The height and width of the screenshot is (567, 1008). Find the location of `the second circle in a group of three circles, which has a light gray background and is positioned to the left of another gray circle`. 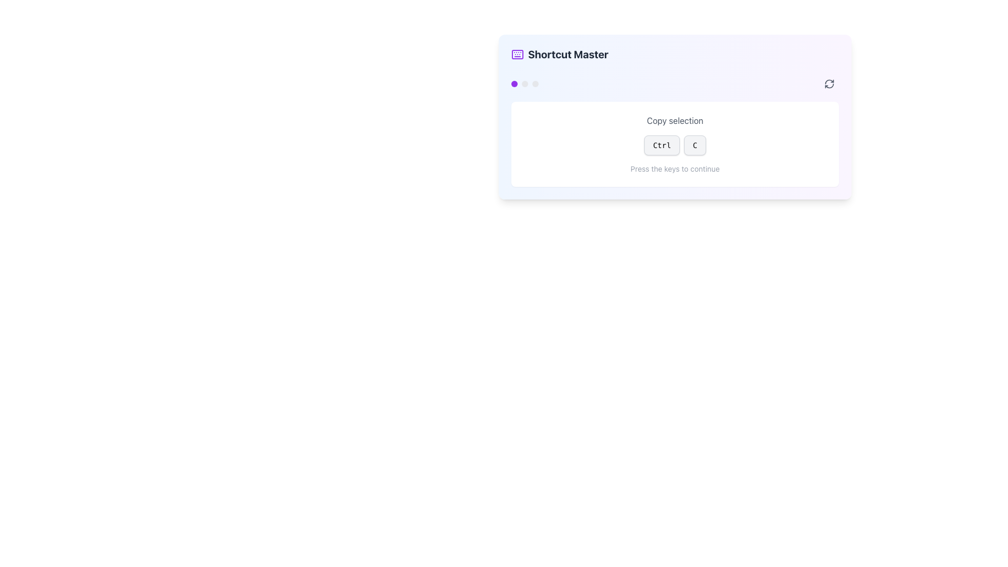

the second circle in a group of three circles, which has a light gray background and is positioned to the left of another gray circle is located at coordinates (524, 83).